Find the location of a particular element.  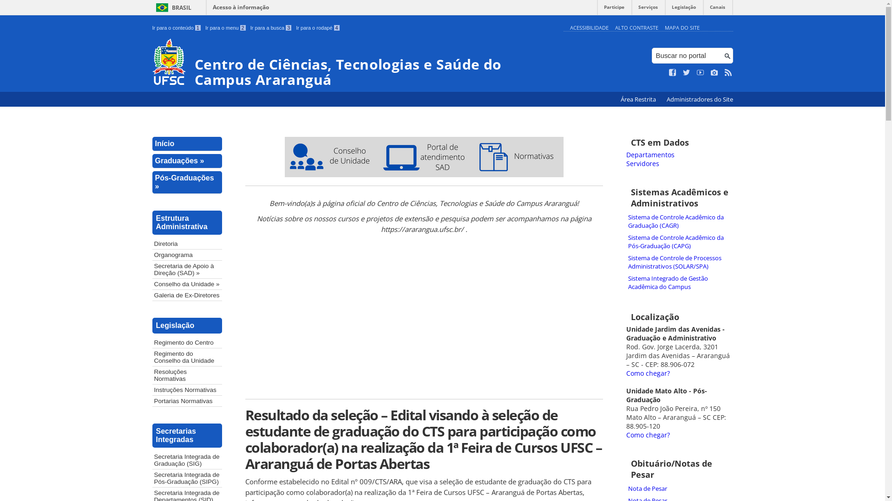

'Sistema de Controle de Processos Administrativos (SOLAR/SPA)' is located at coordinates (680, 262).